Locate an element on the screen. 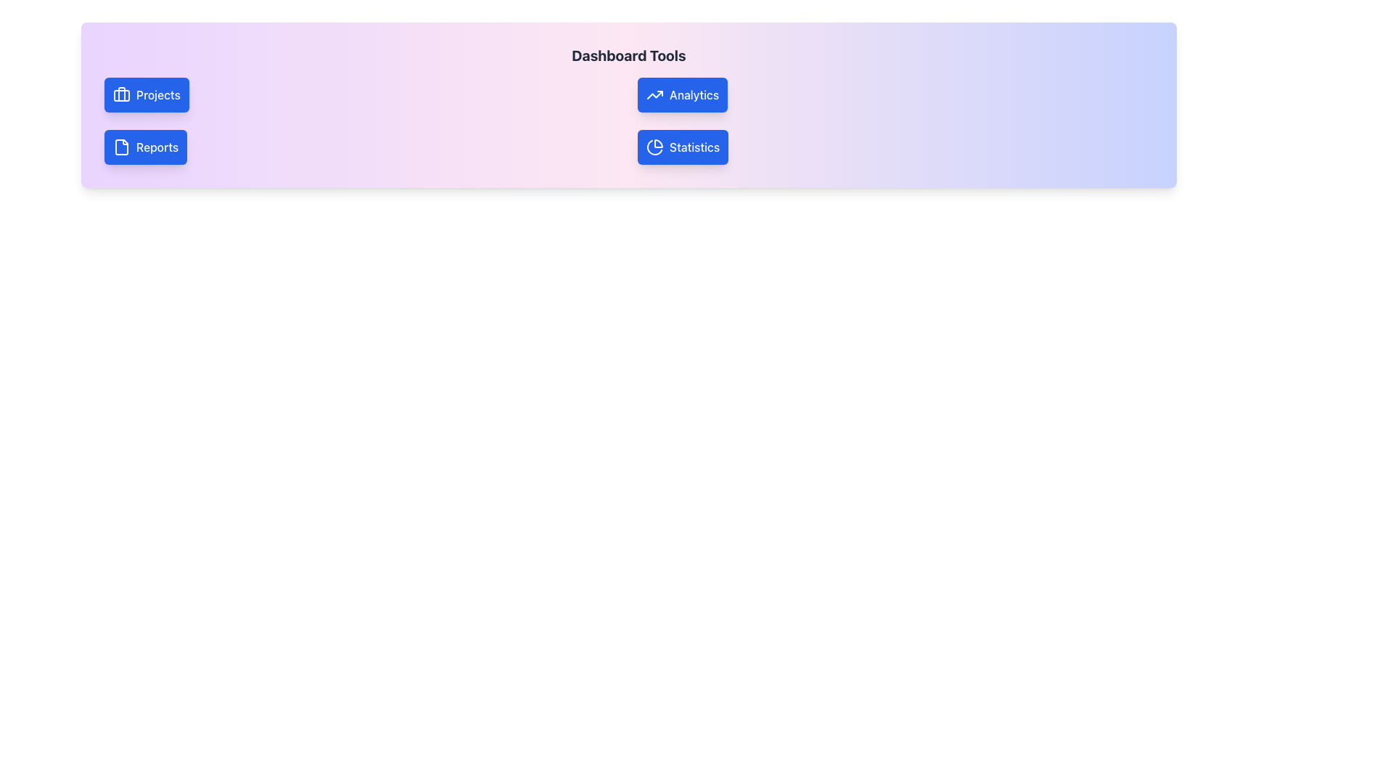  the 'Analytics' button located at the top right of the interface under the heading 'Dashboard Tools', which contains a 'trending up' icon represented by a zigzag polyline is located at coordinates (654, 95).